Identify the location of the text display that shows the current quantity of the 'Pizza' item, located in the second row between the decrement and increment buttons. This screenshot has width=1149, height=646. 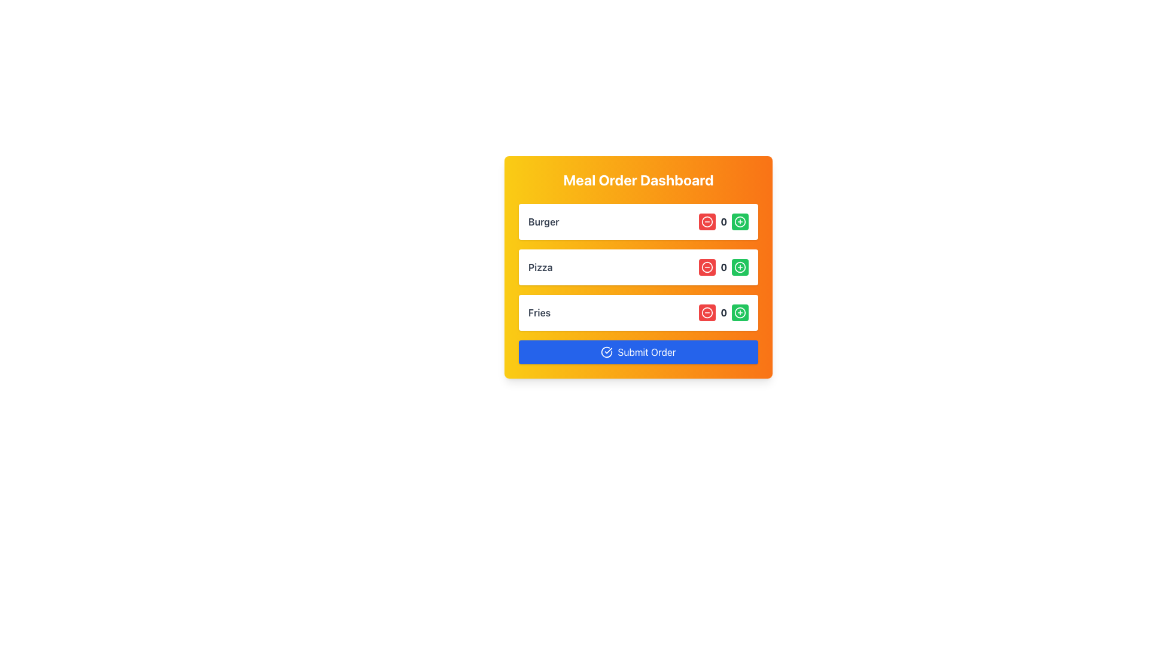
(723, 267).